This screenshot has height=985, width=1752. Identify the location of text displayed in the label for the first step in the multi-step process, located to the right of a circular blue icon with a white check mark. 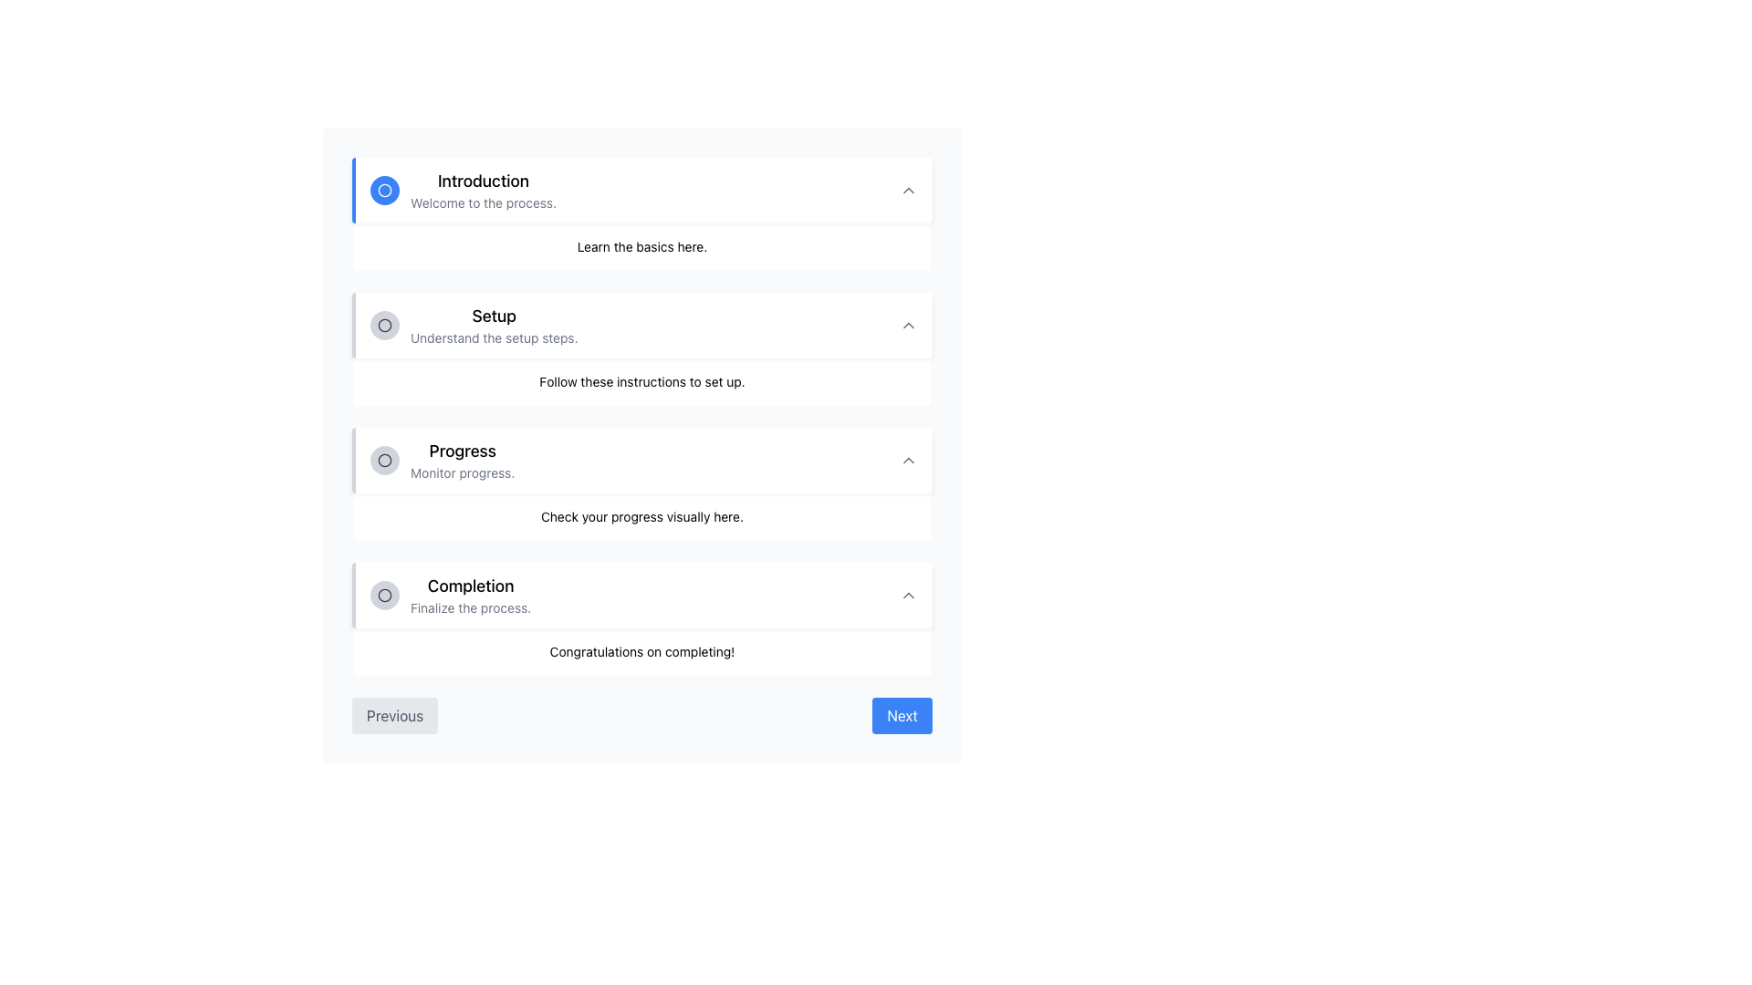
(484, 190).